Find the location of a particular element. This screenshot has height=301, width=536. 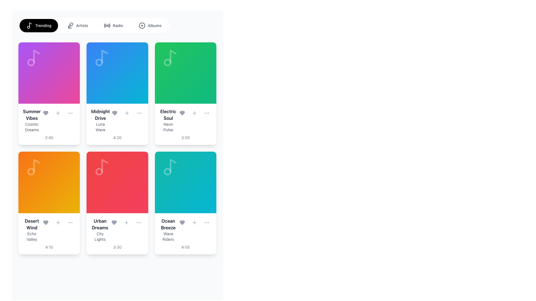

displayed text from the Label/Text Display showing 'Midnight Drive' and 'Luna Wave', located in the second column of the top row of a grid layout is located at coordinates (100, 120).